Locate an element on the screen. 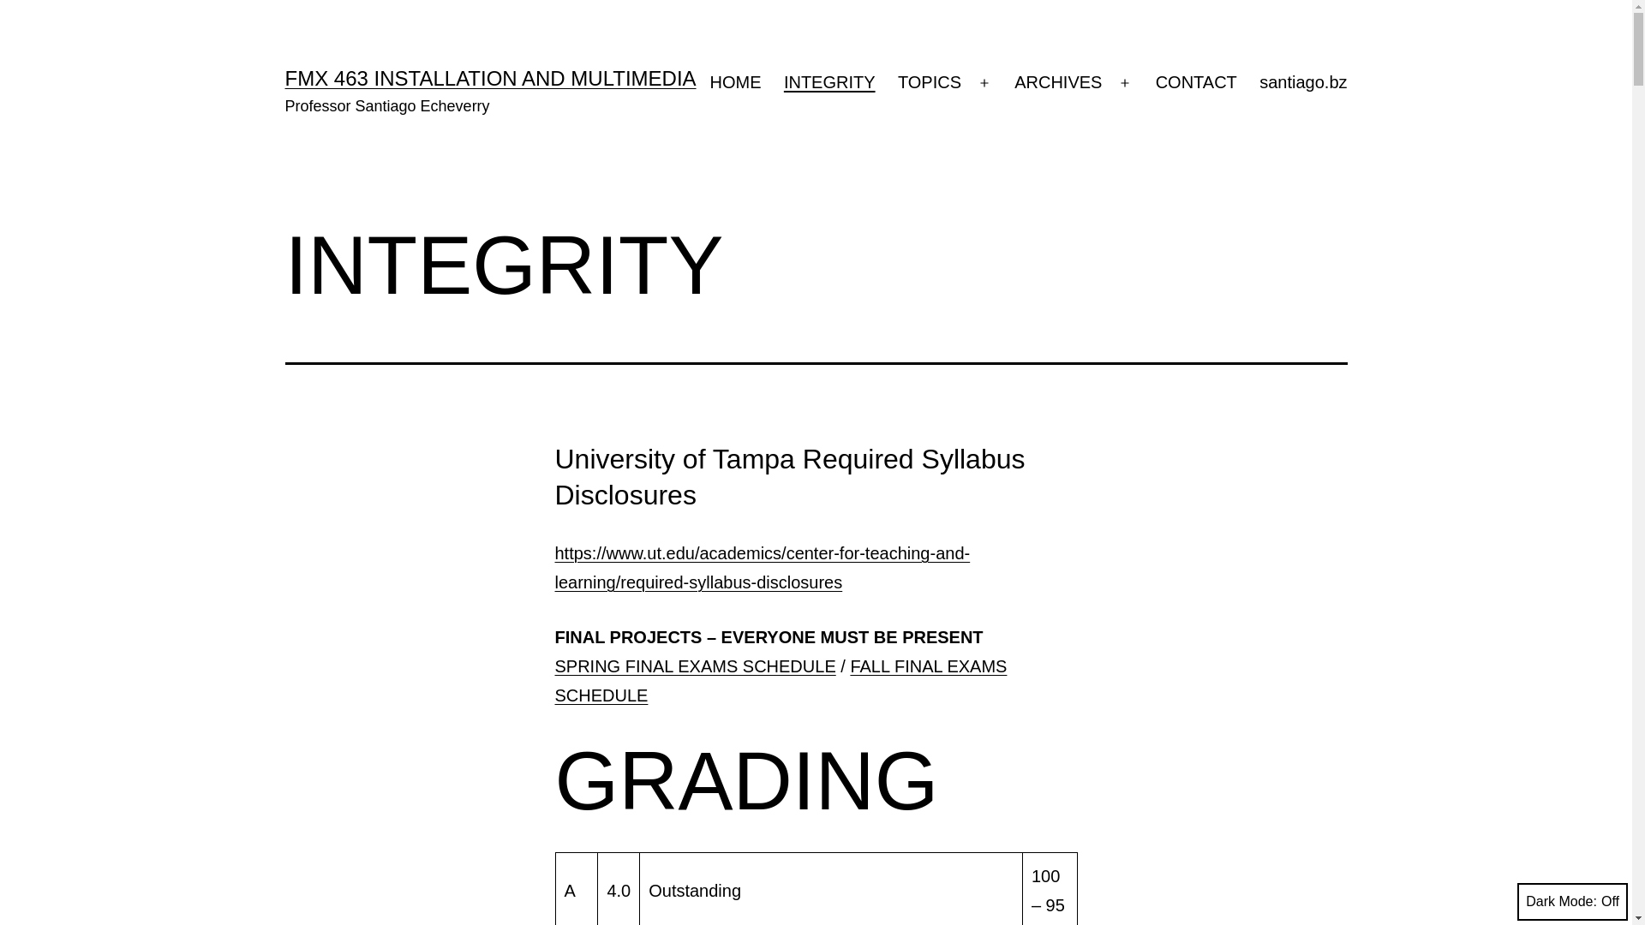 The image size is (1645, 925). 'Open menu' is located at coordinates (984, 82).